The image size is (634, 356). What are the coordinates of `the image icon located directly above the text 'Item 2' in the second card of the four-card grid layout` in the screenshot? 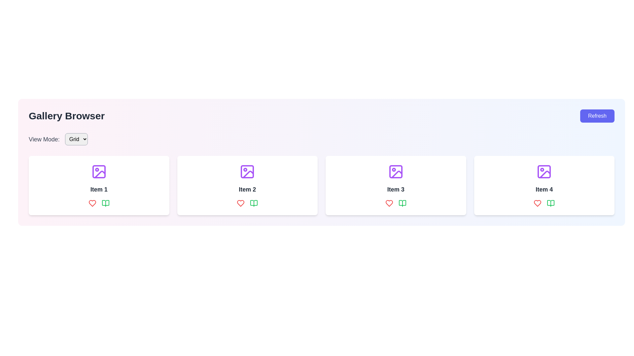 It's located at (247, 171).